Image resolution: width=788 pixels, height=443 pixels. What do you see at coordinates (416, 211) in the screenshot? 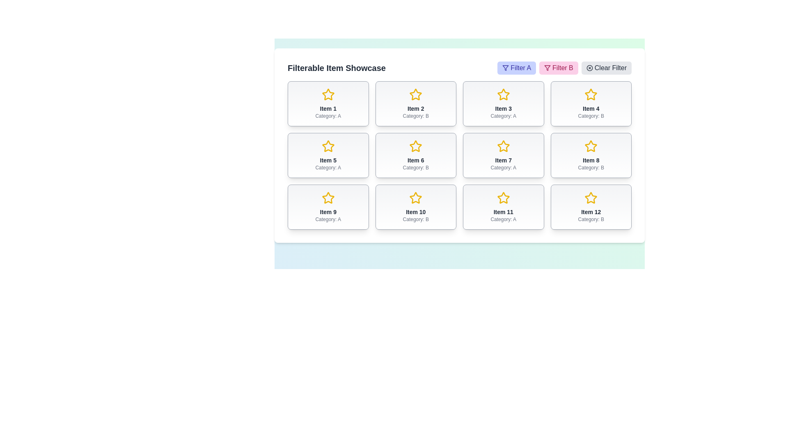
I see `the non-interactive text label that represents 'Item 10', located in a bordered and rounded card at the bottom center of the three-row grid interface` at bounding box center [416, 211].